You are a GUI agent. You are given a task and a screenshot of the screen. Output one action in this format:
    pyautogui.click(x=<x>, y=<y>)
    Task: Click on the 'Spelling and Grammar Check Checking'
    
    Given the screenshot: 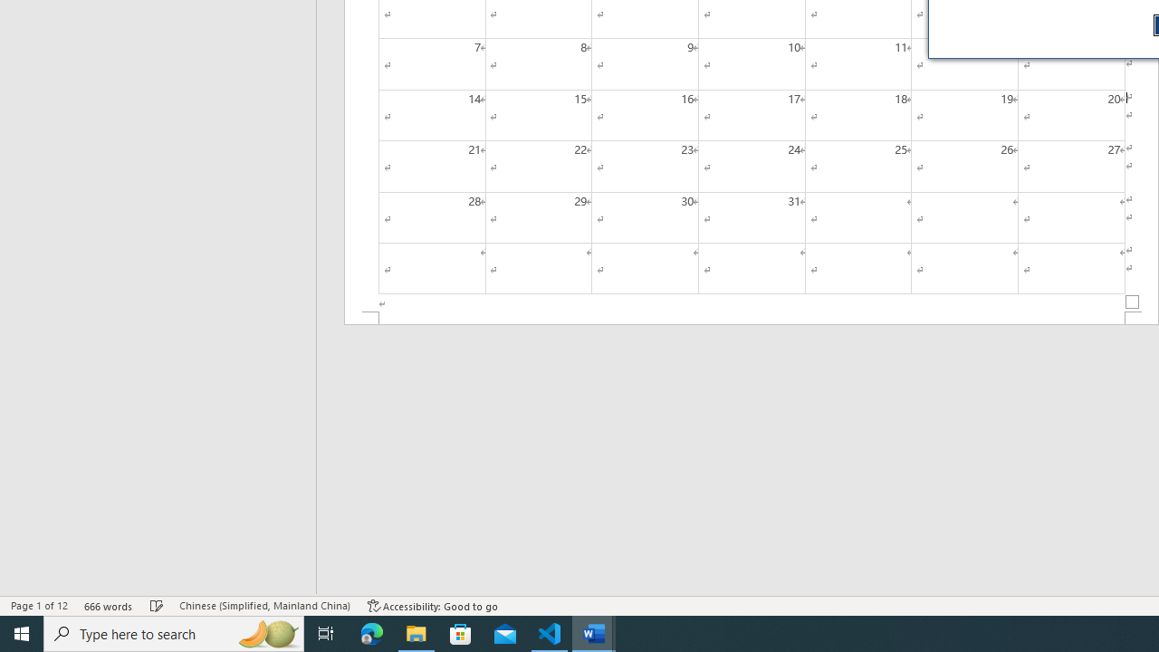 What is the action you would take?
    pyautogui.click(x=157, y=606)
    